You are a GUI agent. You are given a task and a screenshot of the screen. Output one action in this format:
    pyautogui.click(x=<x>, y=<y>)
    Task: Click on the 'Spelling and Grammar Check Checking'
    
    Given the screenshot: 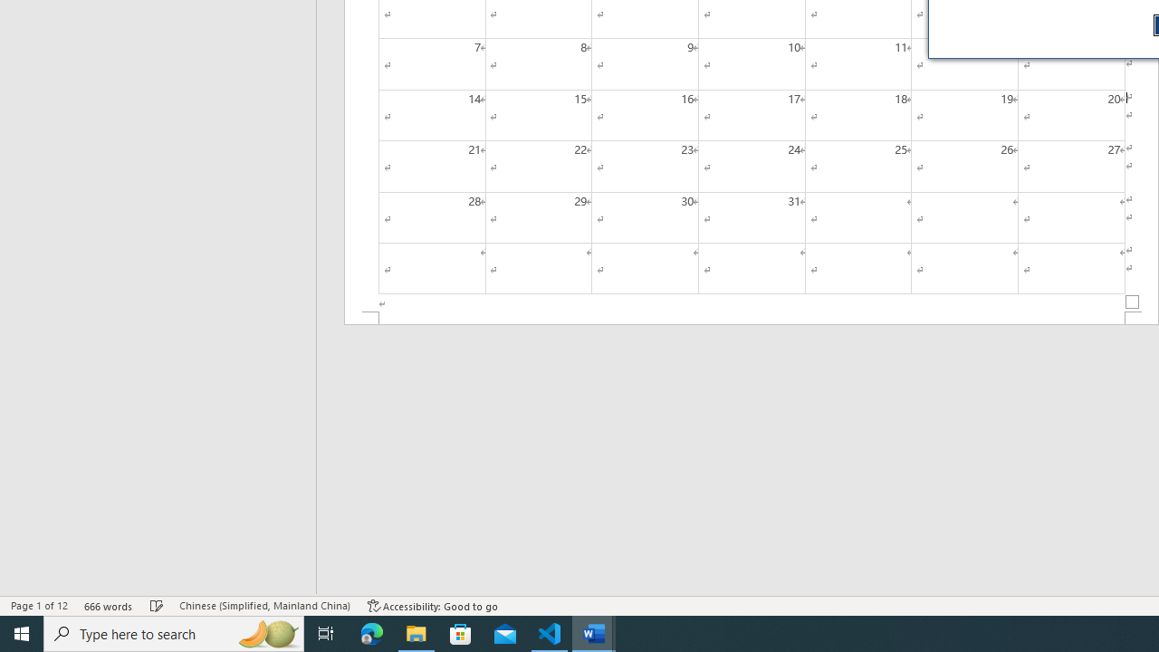 What is the action you would take?
    pyautogui.click(x=157, y=606)
    